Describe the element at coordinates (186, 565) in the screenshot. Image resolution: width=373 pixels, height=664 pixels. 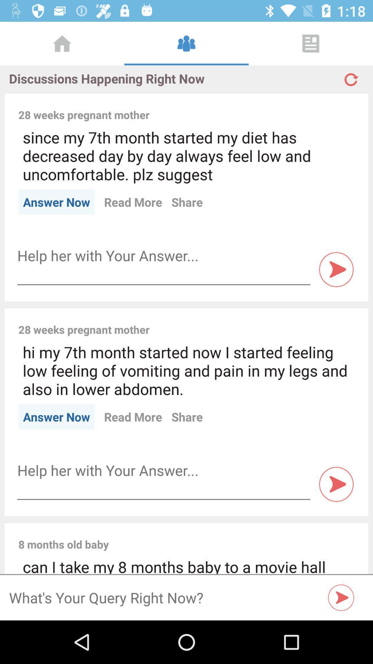
I see `icon below 8 months old icon` at that location.